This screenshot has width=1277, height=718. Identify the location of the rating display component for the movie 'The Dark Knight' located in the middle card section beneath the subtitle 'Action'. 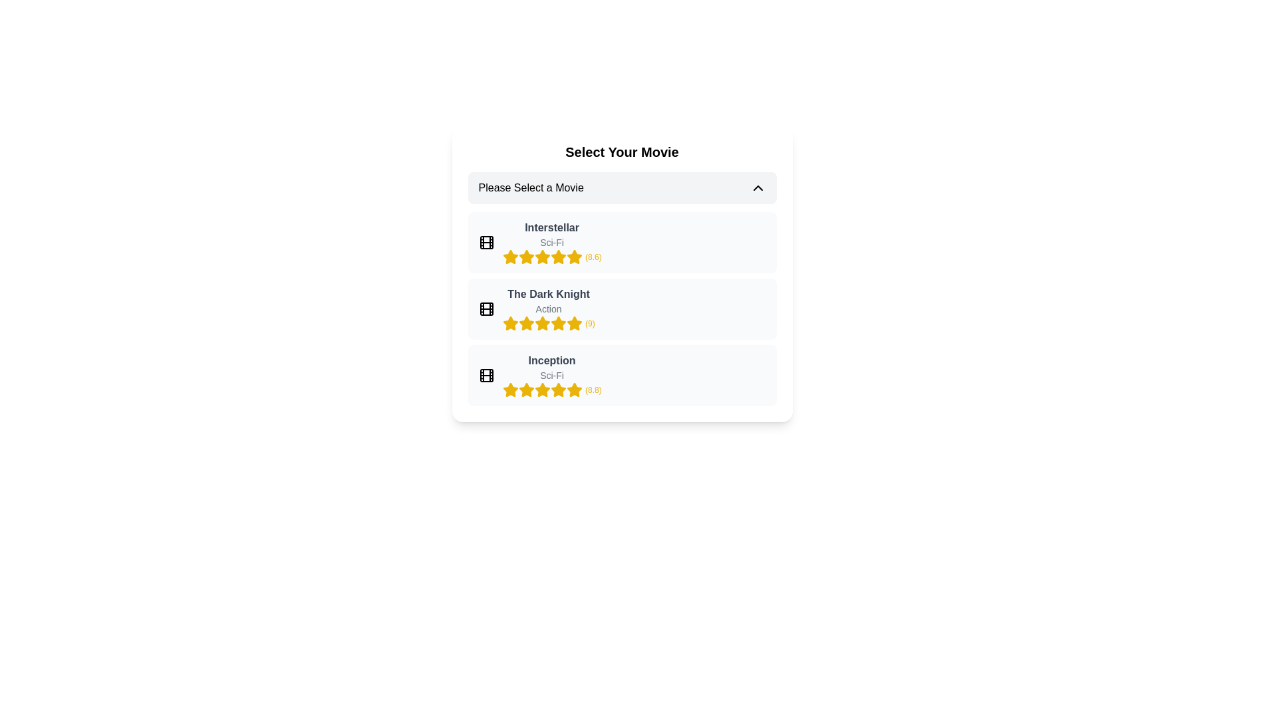
(549, 323).